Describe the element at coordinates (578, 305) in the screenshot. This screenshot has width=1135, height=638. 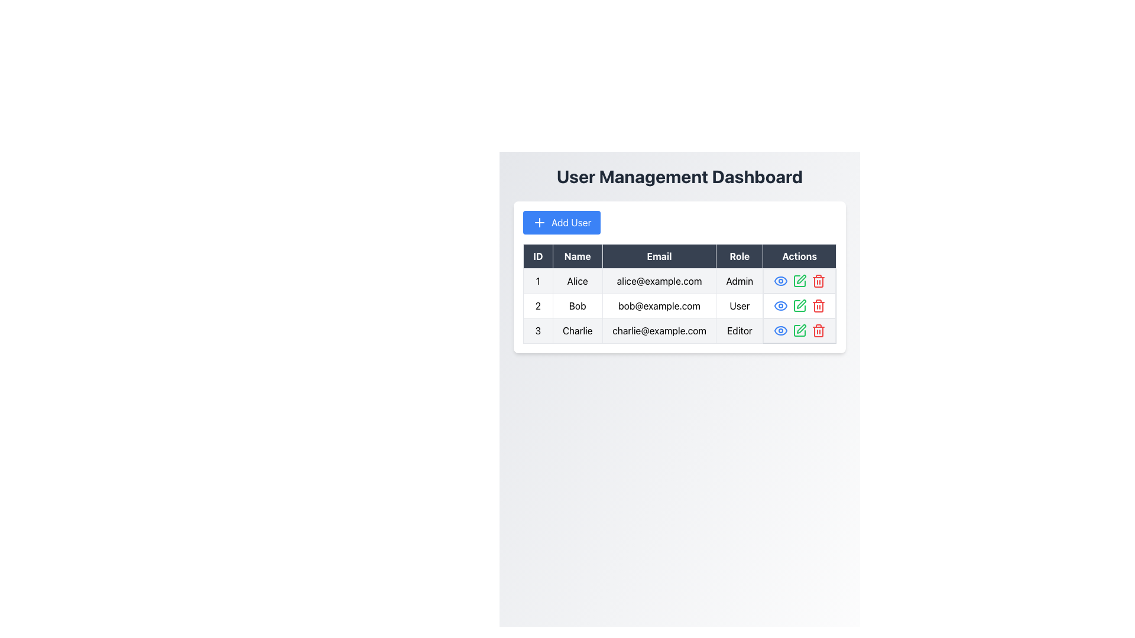
I see `text content of the Text Label displaying 'Bob' located in the second column of the second row under the 'Name' category in the table` at that location.